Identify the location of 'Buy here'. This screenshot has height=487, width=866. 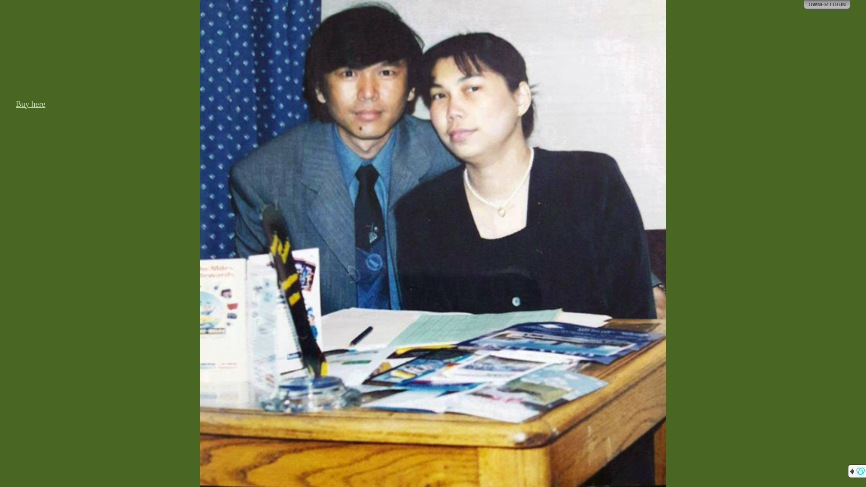
(30, 104).